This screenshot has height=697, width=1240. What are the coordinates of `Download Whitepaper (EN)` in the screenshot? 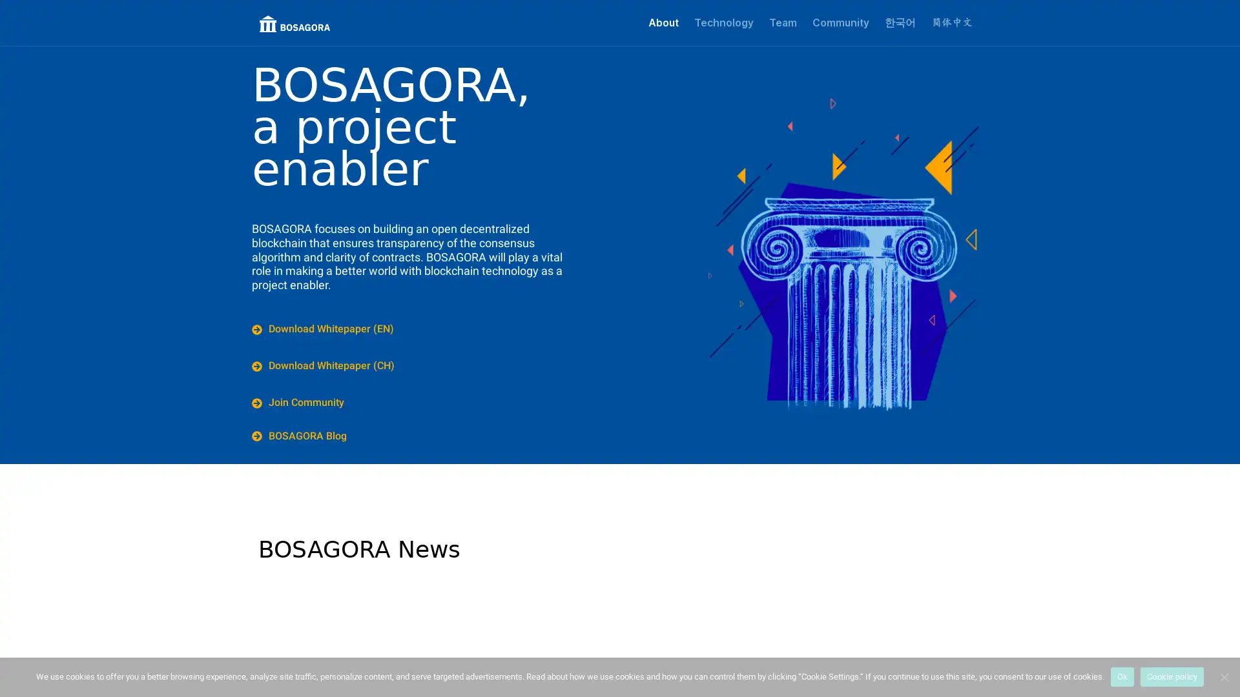 It's located at (324, 328).